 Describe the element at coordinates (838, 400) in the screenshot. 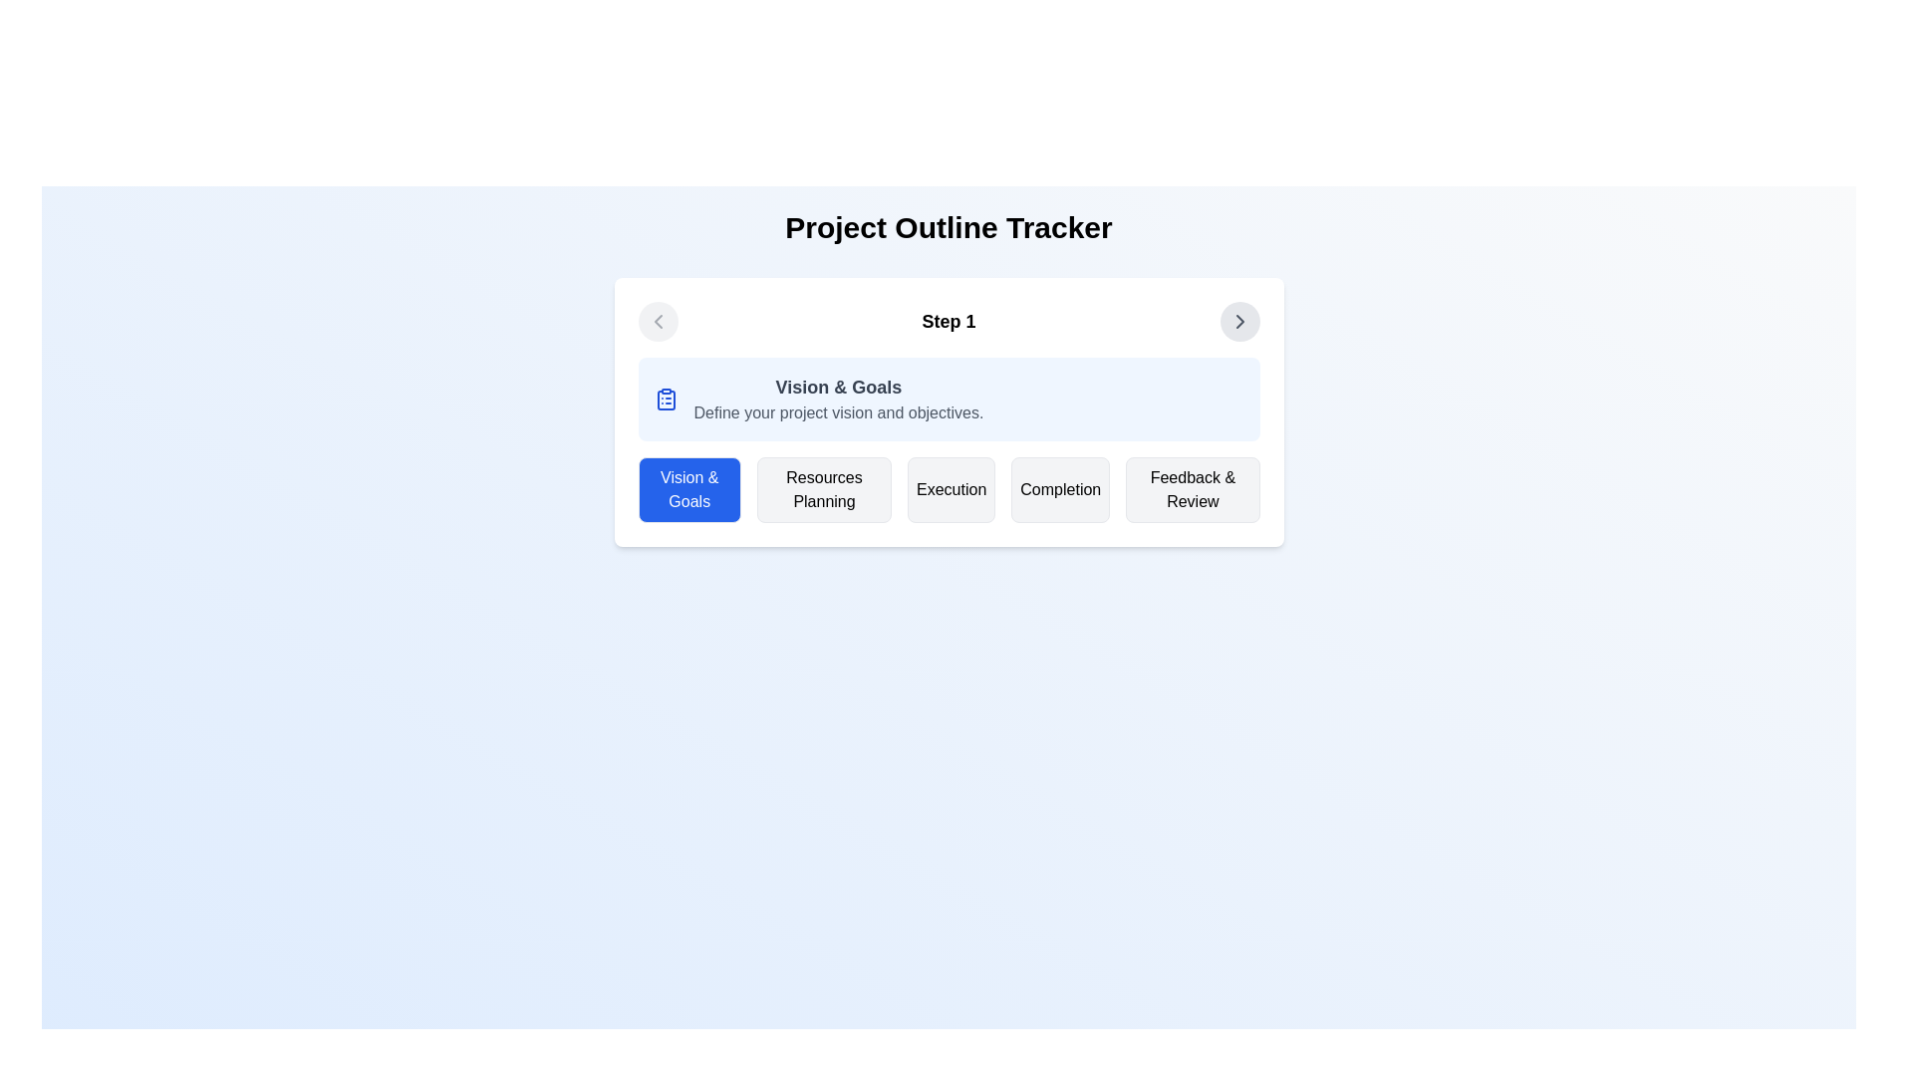

I see `the title and description box labeled 'Vision & Goals', which is positioned at the top center of the interface and serves to provide context about the current section` at that location.